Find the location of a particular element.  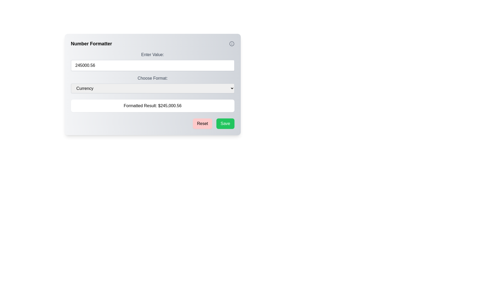

the 'Save' button located on the lower-right side of the dialog box to change its shade is located at coordinates (225, 123).